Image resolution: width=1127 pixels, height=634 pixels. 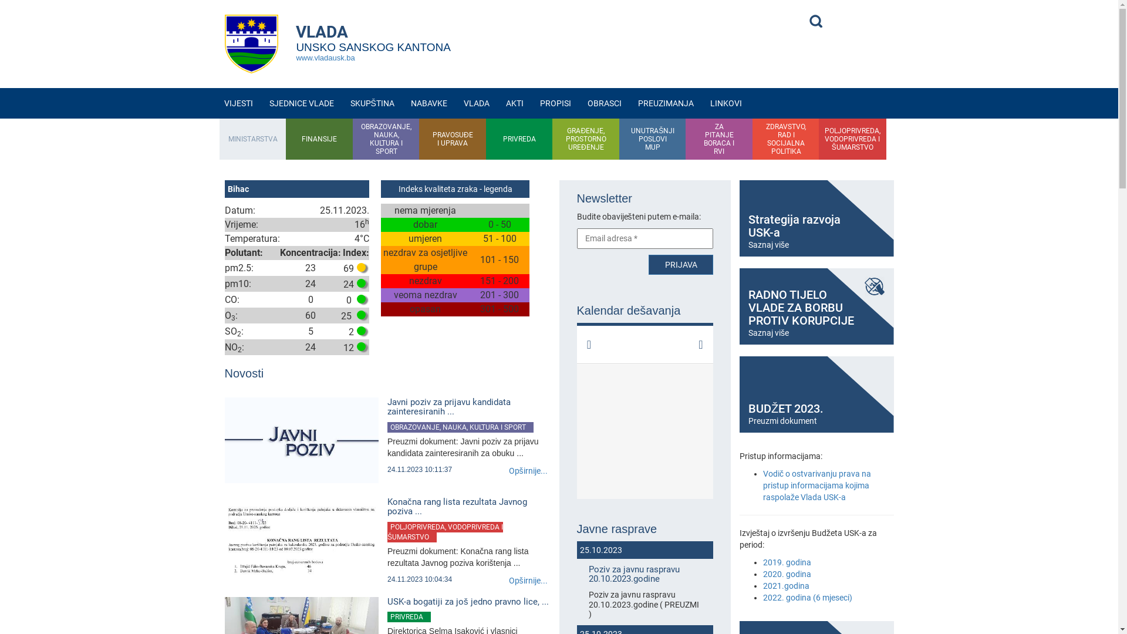 I want to click on 'PRIJAVA', so click(x=647, y=265).